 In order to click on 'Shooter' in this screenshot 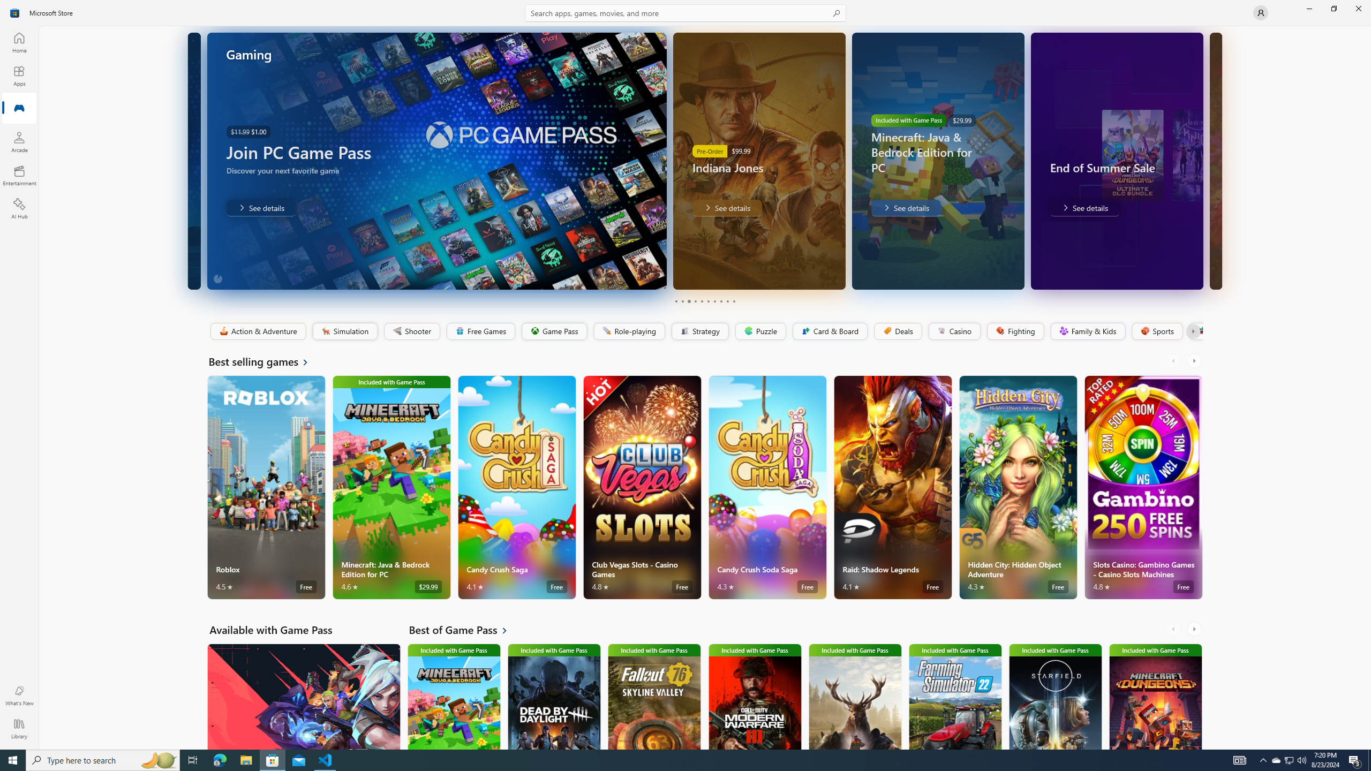, I will do `click(411, 331)`.